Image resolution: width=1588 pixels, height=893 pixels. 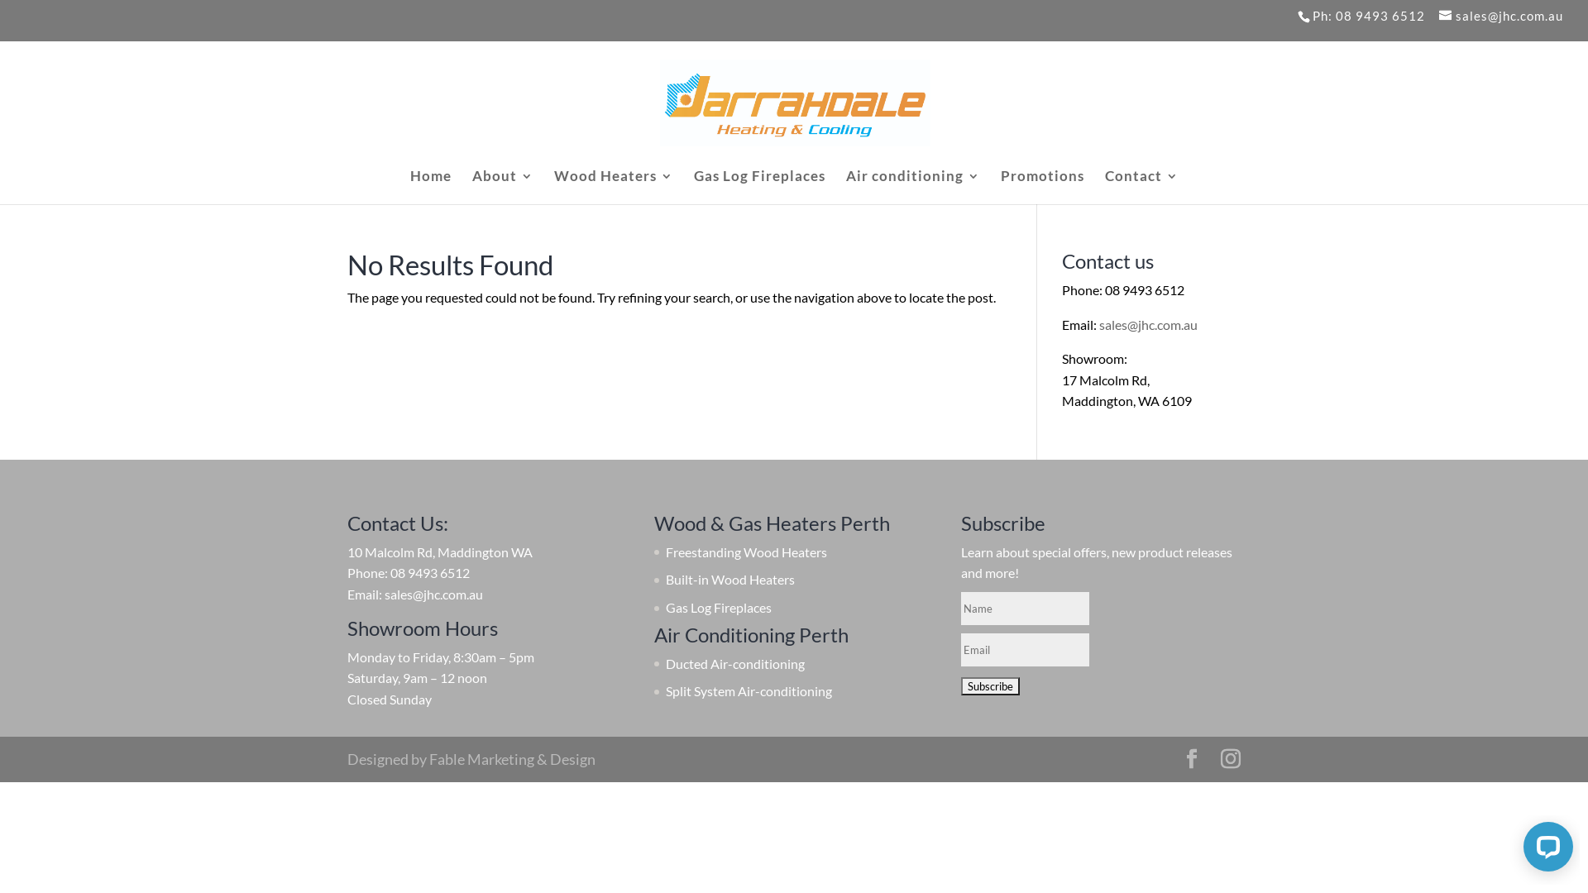 I want to click on 'LiveChat chat widget', so click(x=1509, y=850).